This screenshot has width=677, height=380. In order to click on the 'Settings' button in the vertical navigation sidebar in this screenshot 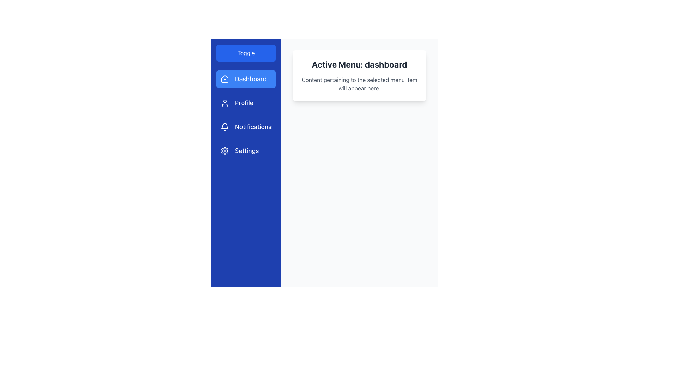, I will do `click(246, 150)`.